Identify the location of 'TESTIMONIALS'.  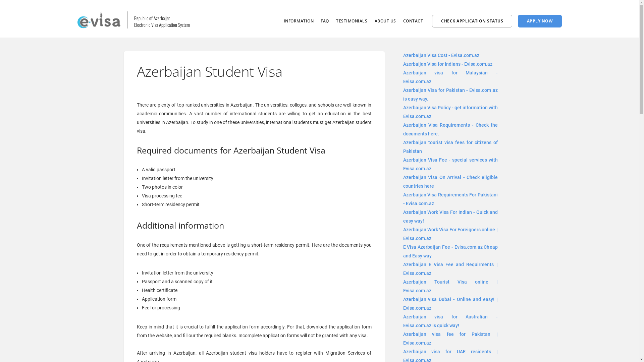
(336, 20).